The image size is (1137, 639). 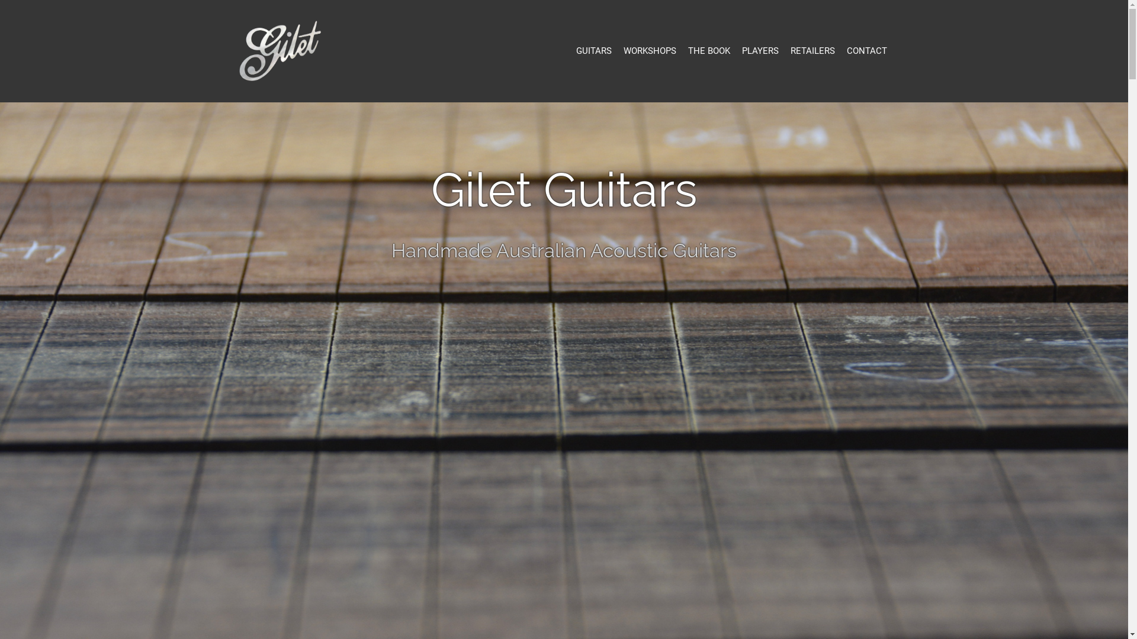 What do you see at coordinates (593, 50) in the screenshot?
I see `'GUITARS'` at bounding box center [593, 50].